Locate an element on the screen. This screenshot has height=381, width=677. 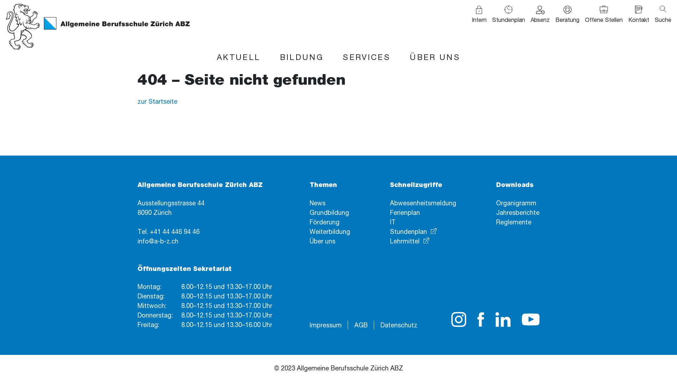
'Ferienplan' is located at coordinates (405, 212).